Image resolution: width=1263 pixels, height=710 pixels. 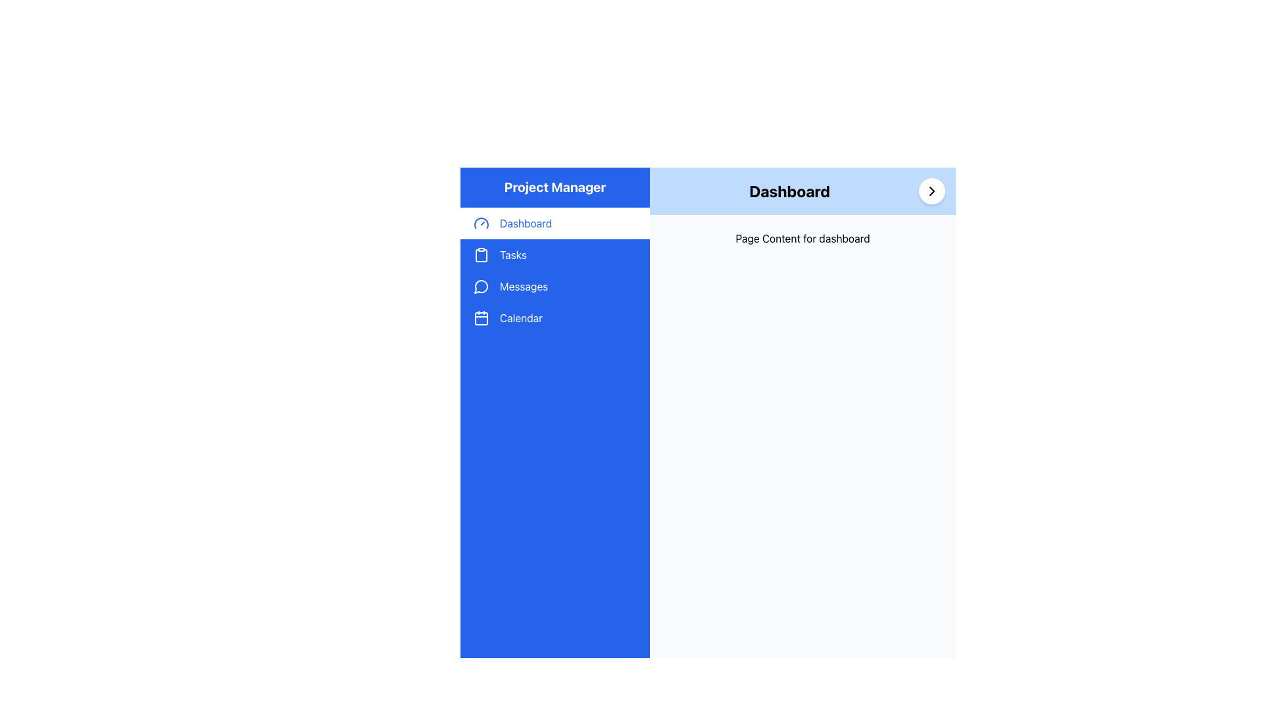 What do you see at coordinates (931, 191) in the screenshot?
I see `the circular button with a white background and a black chevron icon` at bounding box center [931, 191].